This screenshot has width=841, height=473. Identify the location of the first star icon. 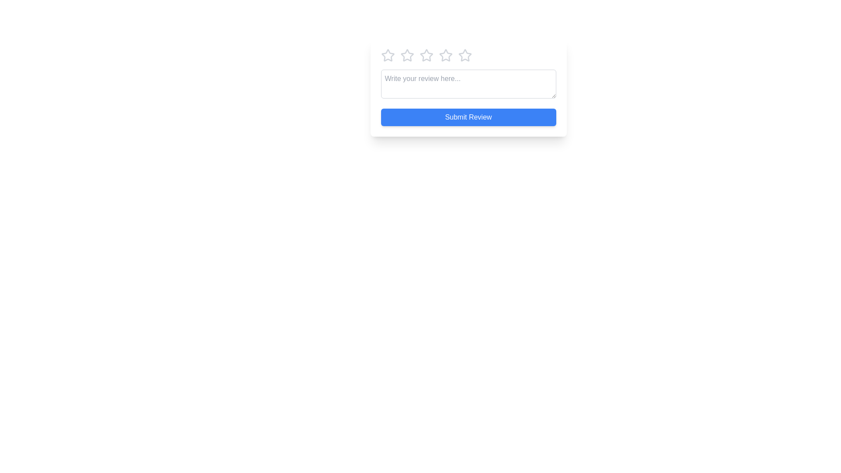
(406, 55).